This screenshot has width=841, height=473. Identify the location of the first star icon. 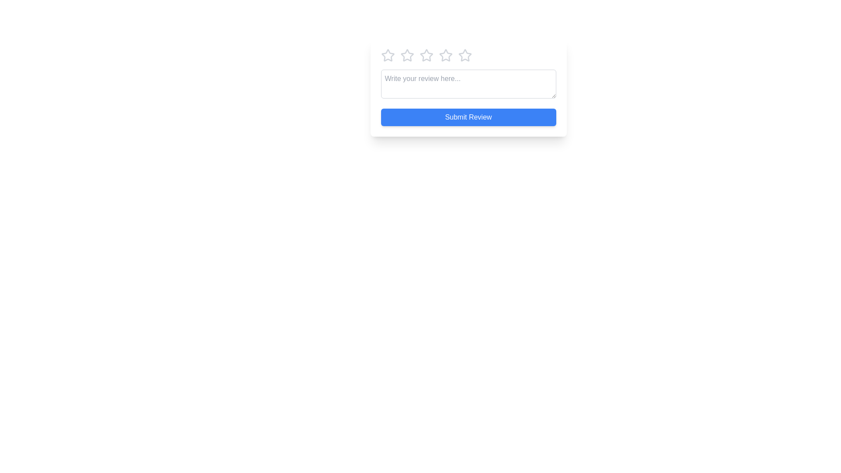
(406, 55).